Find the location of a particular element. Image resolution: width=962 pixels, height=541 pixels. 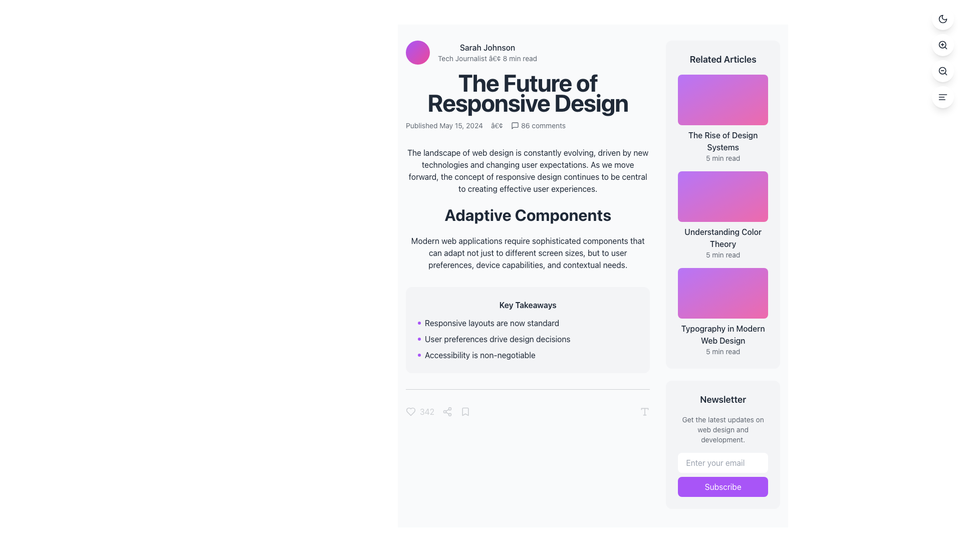

the text label displaying 'Published May 15, 2024', which is located below the main heading 'The Future of Responsive Design' in the top-left section of the article is located at coordinates (444, 125).